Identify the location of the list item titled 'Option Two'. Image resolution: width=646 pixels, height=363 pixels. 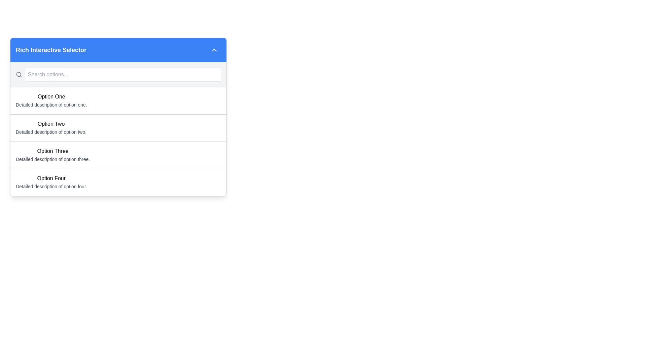
(118, 129).